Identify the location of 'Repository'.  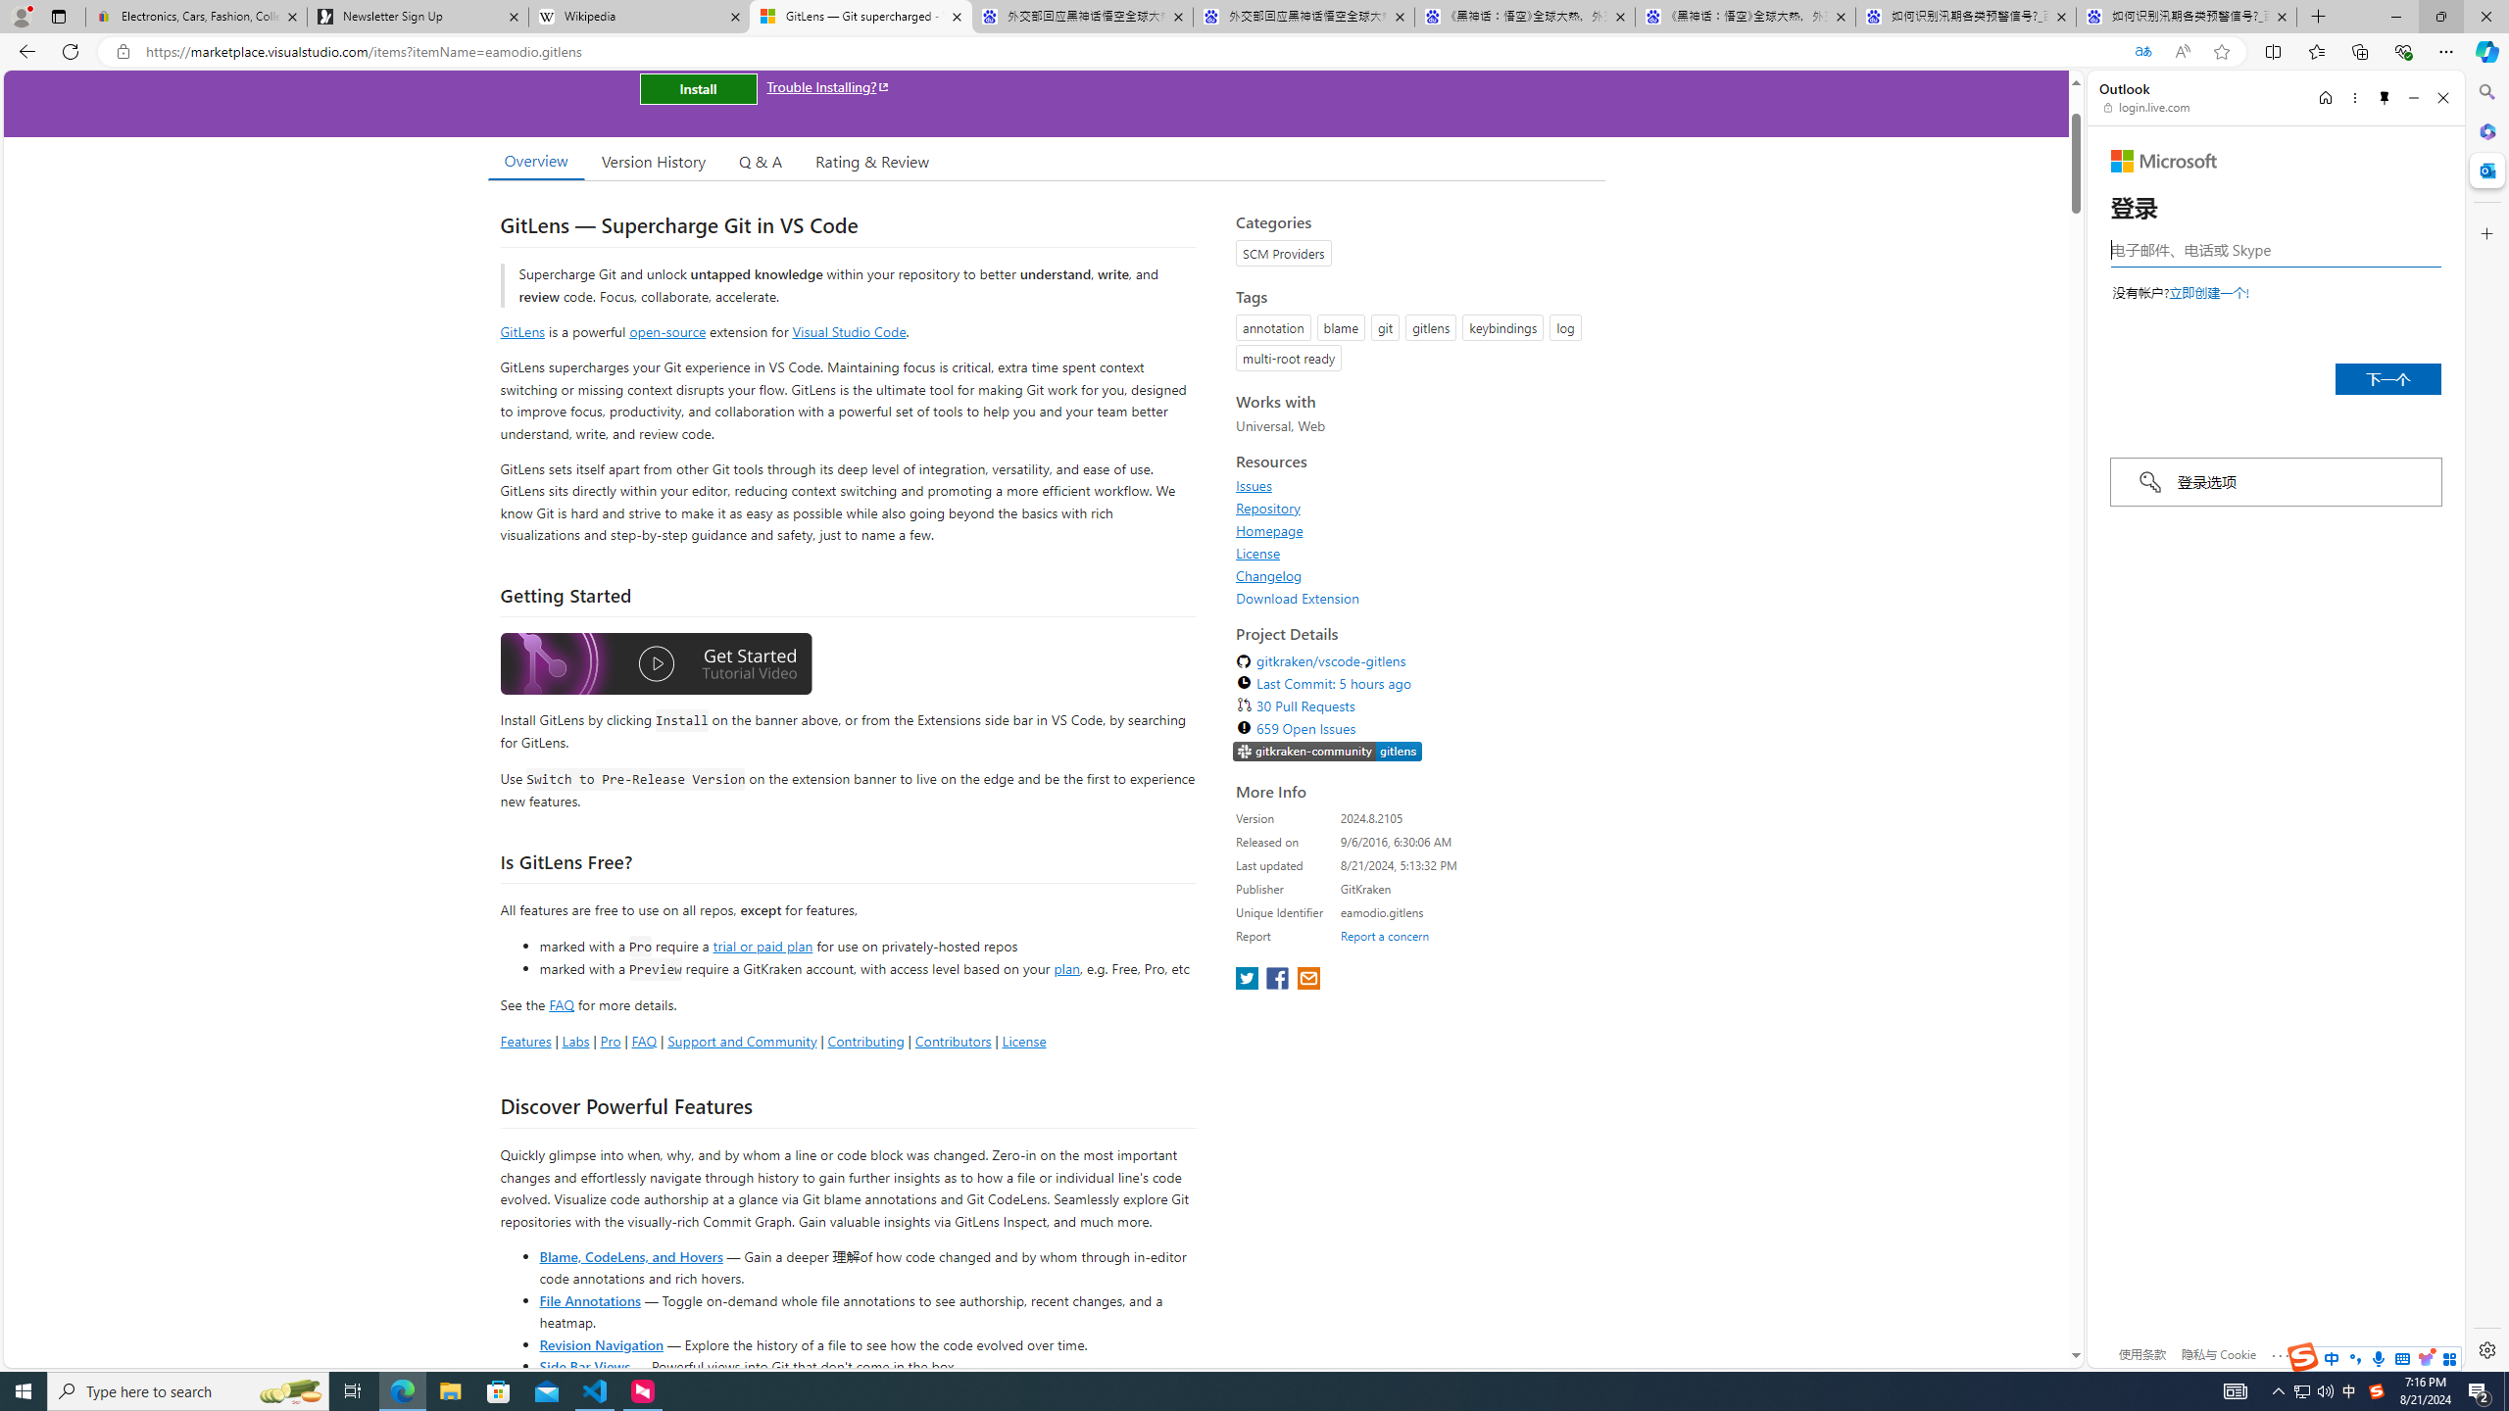
(1267, 507).